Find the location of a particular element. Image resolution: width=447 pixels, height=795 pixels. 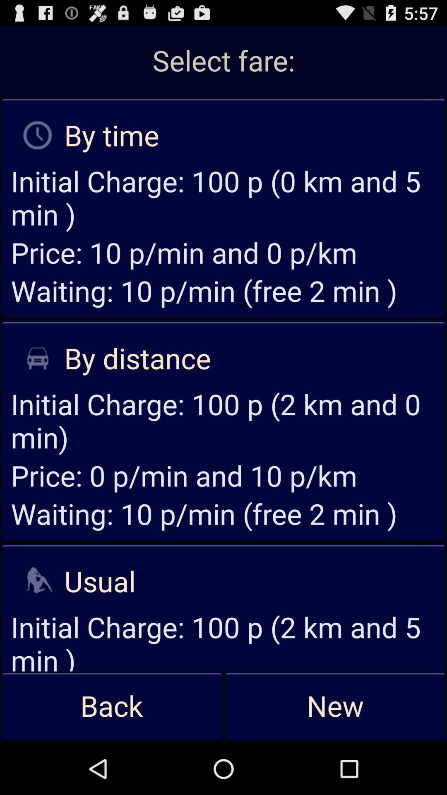

app next to the new is located at coordinates (112, 706).